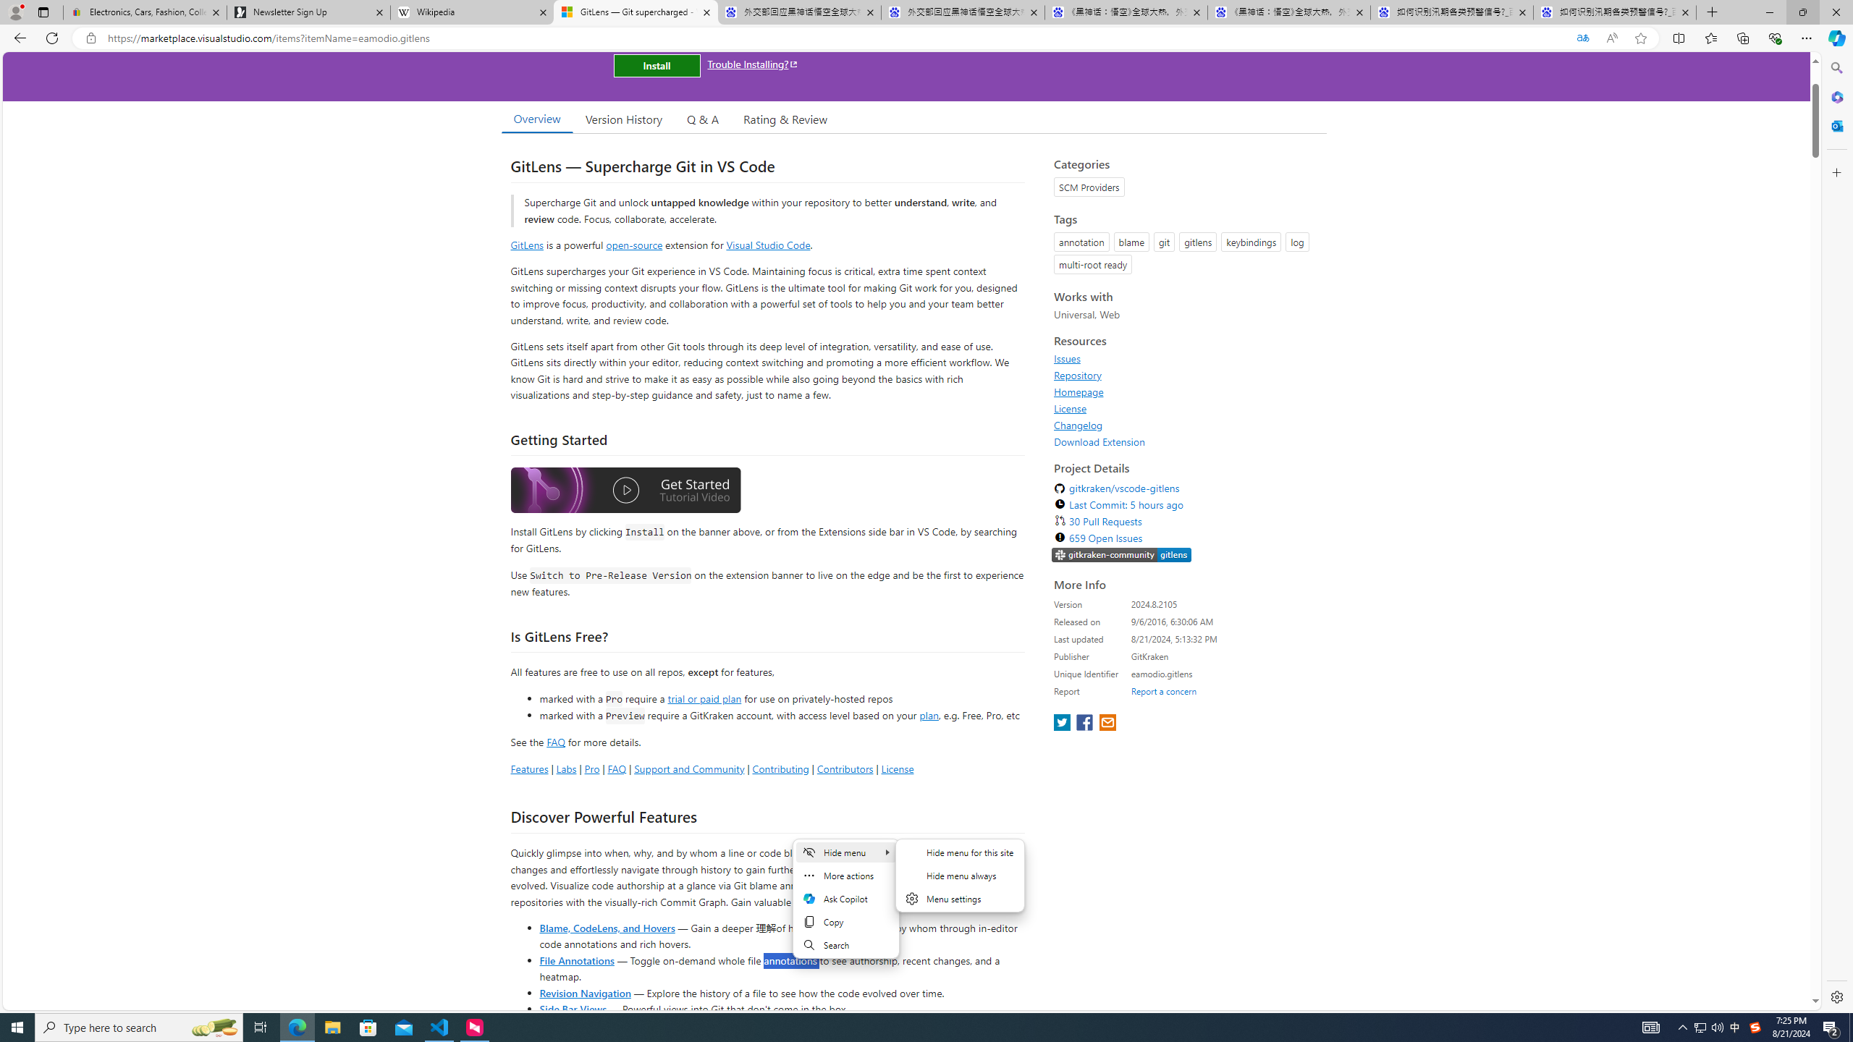 The width and height of the screenshot is (1853, 1042). I want to click on 'File Annotations', so click(576, 959).